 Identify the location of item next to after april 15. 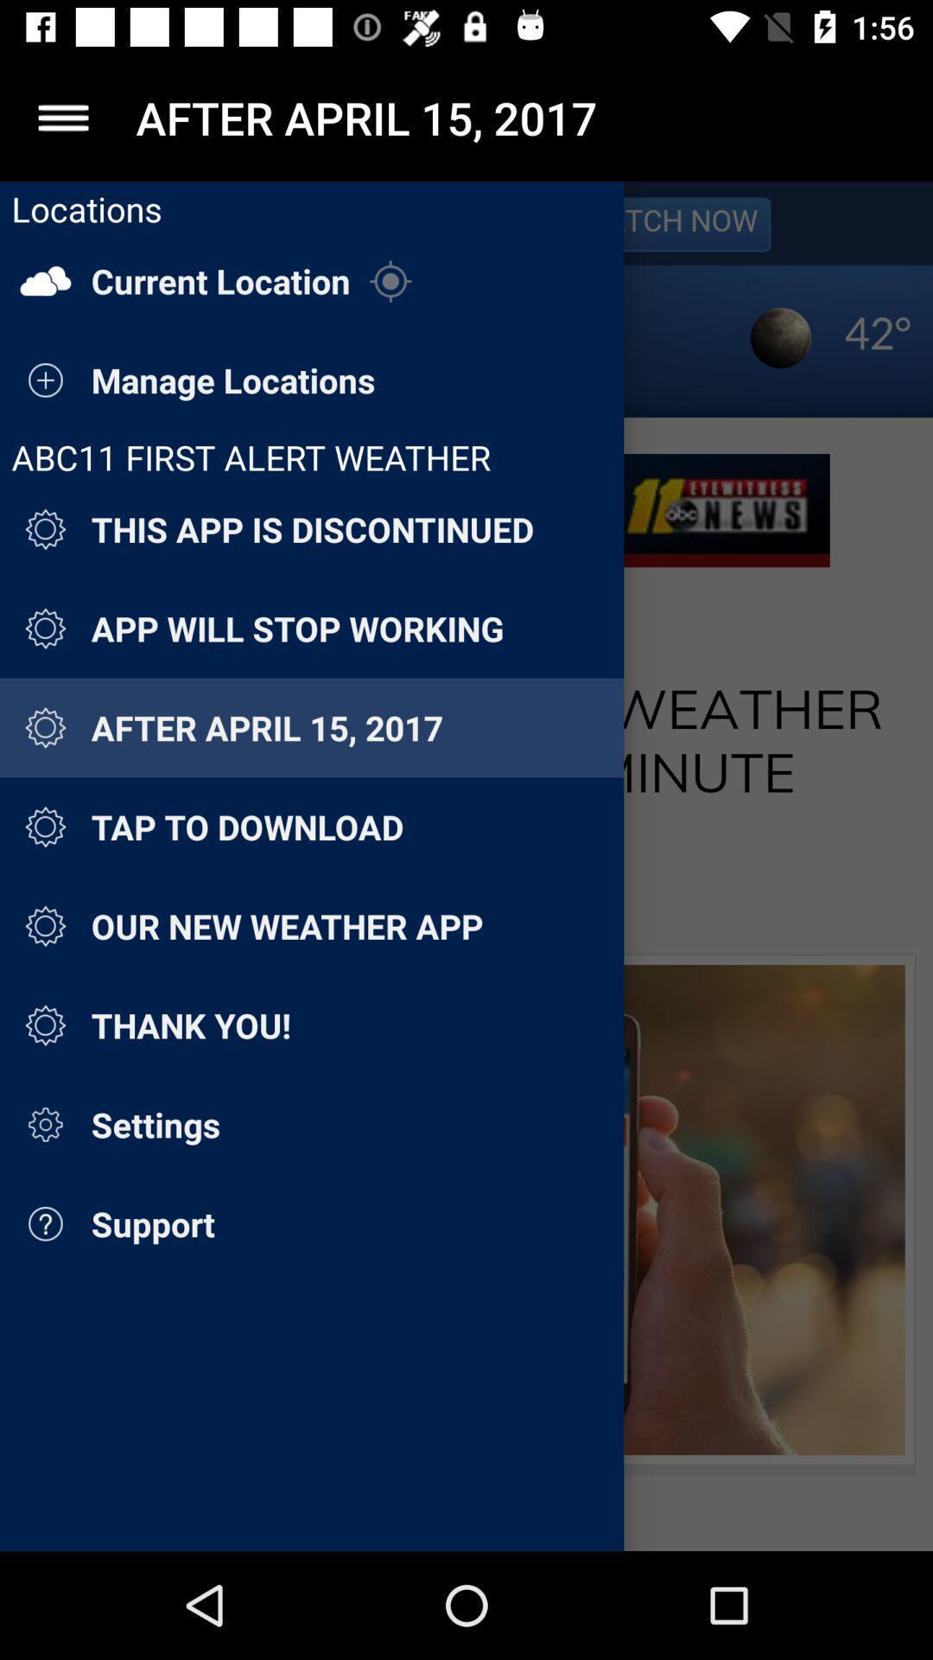
(62, 117).